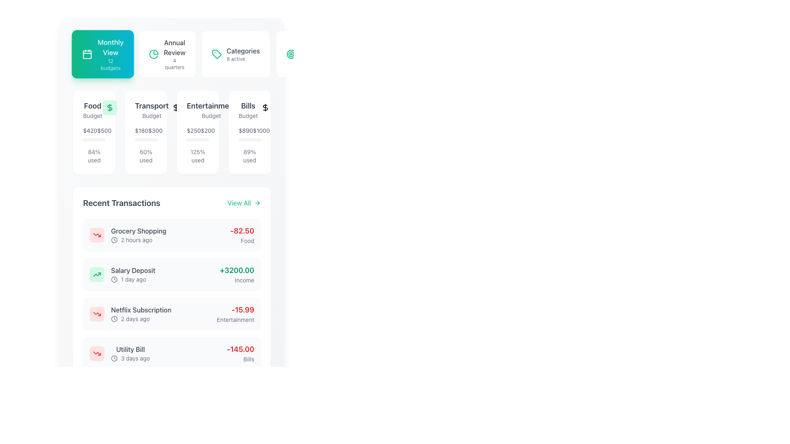 This screenshot has height=444, width=790. I want to click on the text label reading 'Bills' located directly below the red '-145.00' value in the right-aligned column of the 'Recent Transactions' list, so click(240, 359).